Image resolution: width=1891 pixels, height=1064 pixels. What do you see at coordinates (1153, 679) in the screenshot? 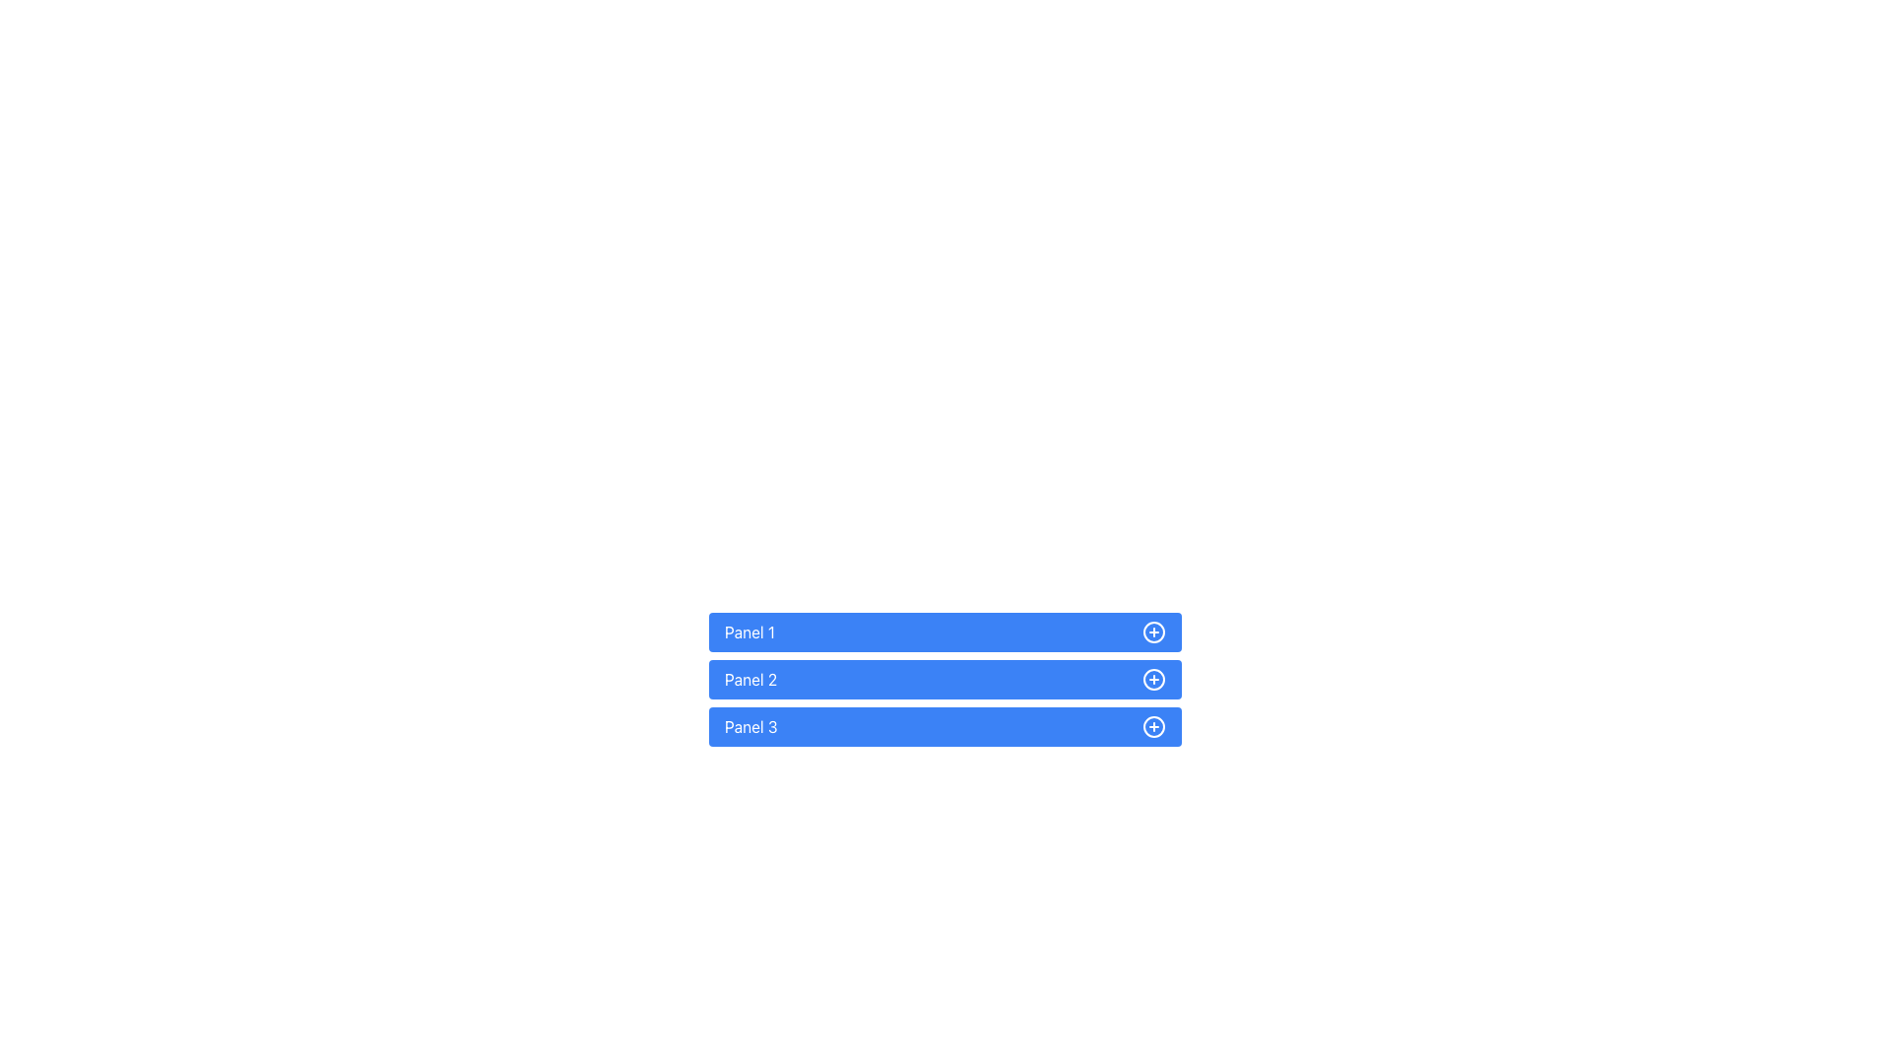
I see `the circular '+' icon button located to the right of the text 'Panel 2' in the vertical stack of icons` at bounding box center [1153, 679].